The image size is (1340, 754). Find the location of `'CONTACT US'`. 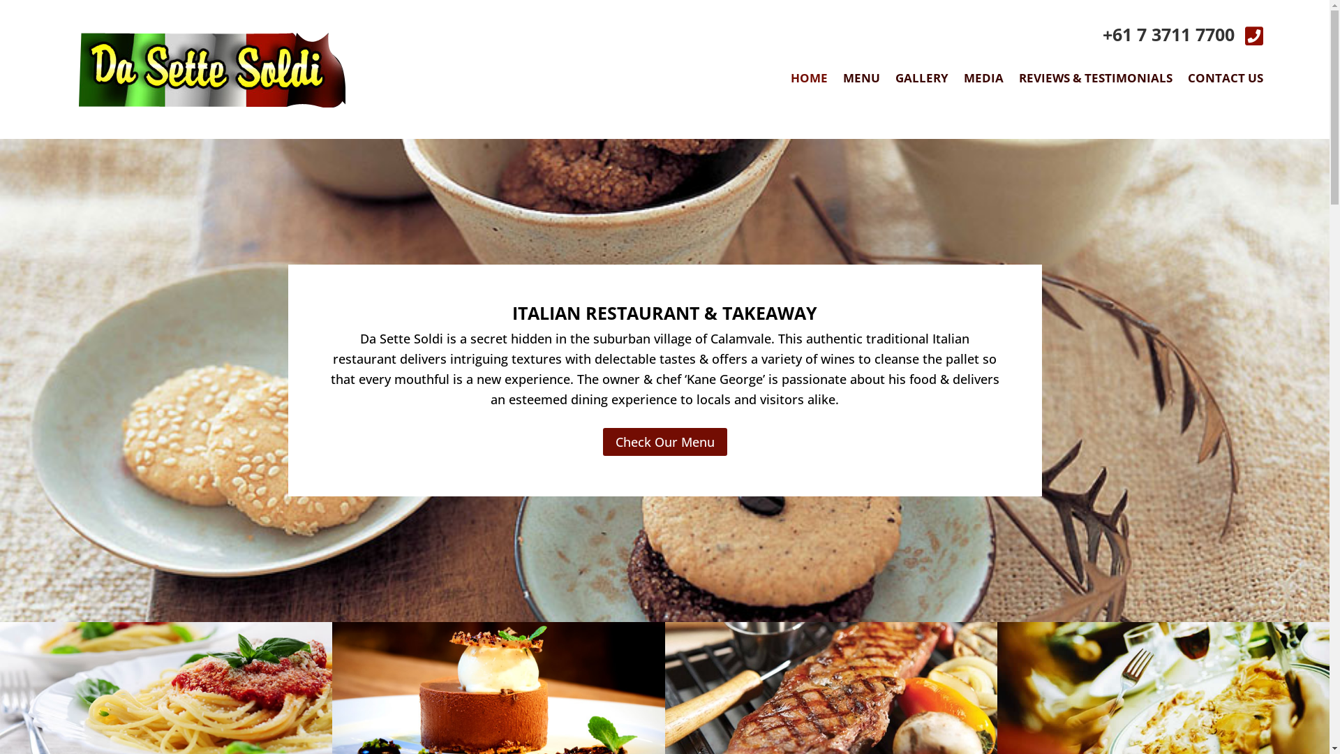

'CONTACT US' is located at coordinates (1225, 80).